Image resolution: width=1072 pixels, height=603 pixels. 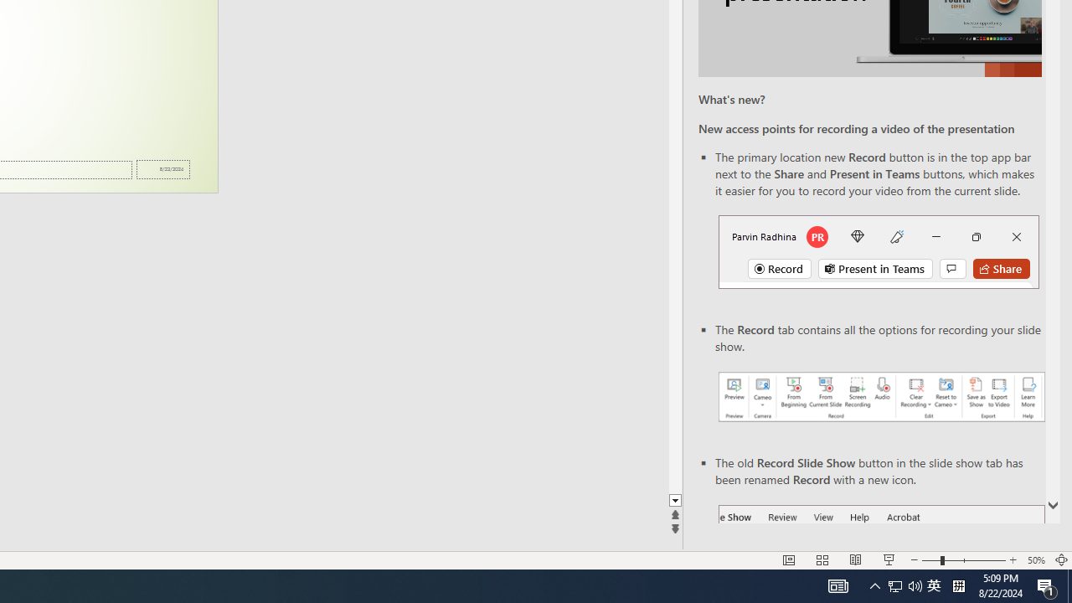 I want to click on 'Date', so click(x=162, y=169).